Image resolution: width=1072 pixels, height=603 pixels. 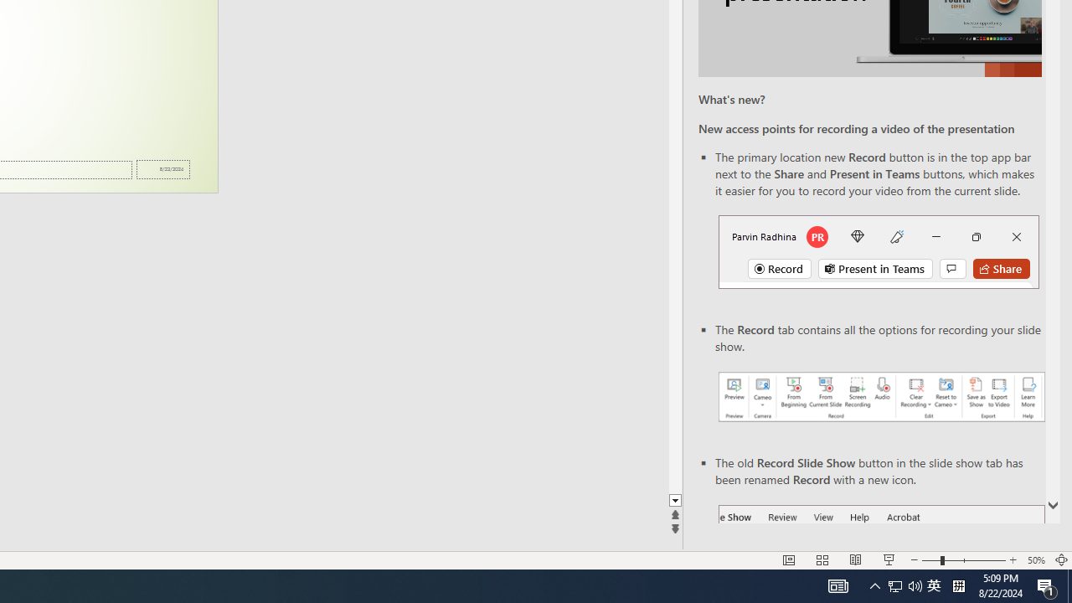 I want to click on 'Date', so click(x=162, y=169).